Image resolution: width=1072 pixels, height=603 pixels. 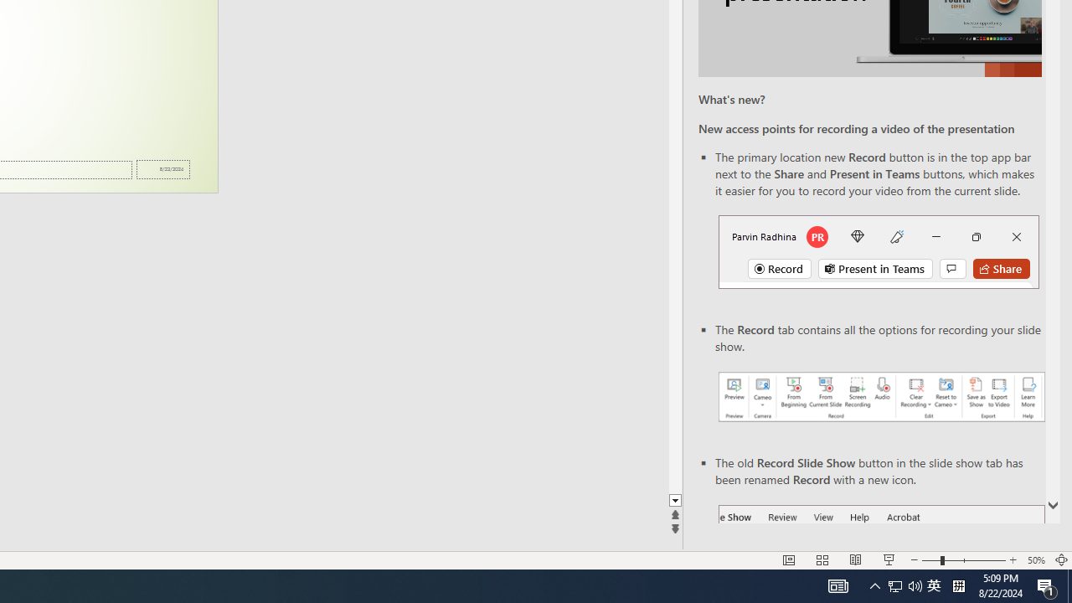 I want to click on 'Date', so click(x=162, y=169).